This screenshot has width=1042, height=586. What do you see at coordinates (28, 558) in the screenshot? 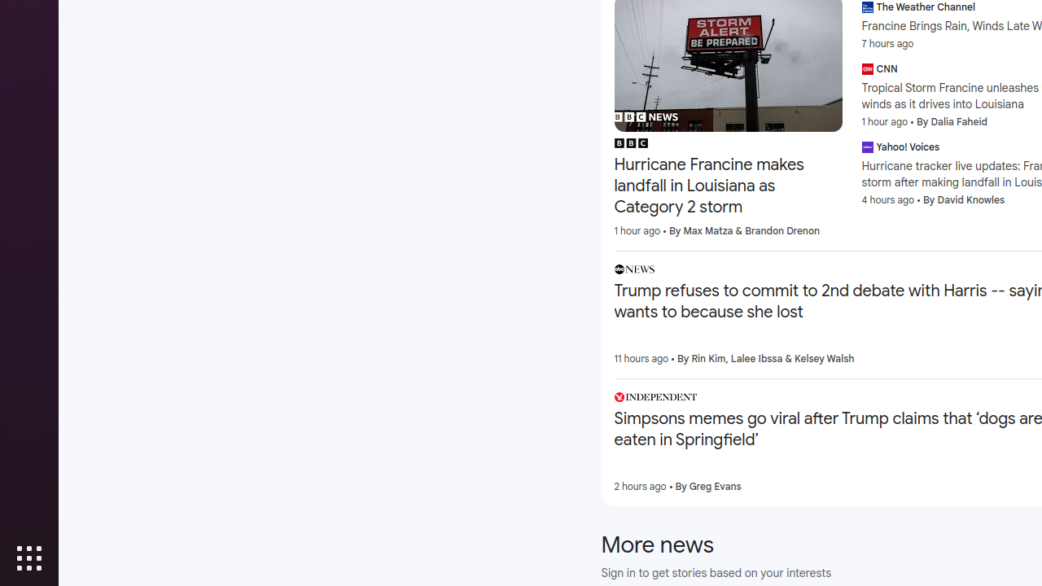
I see `'Show Applications'` at bounding box center [28, 558].